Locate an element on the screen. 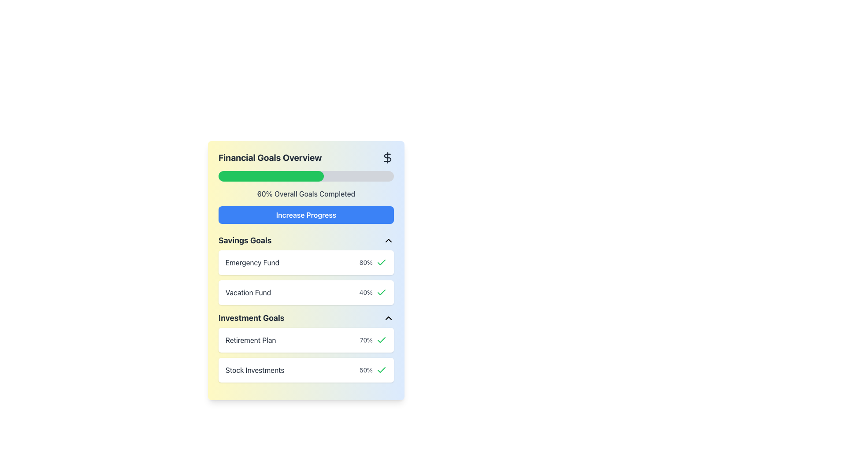 This screenshot has height=476, width=846. the 'Emergency Fund' text label located in the 'Savings Goals' section, which is styled in dark gray and positioned on the left side of a list item with a percentage indicator and a green checkmark icon is located at coordinates (252, 262).